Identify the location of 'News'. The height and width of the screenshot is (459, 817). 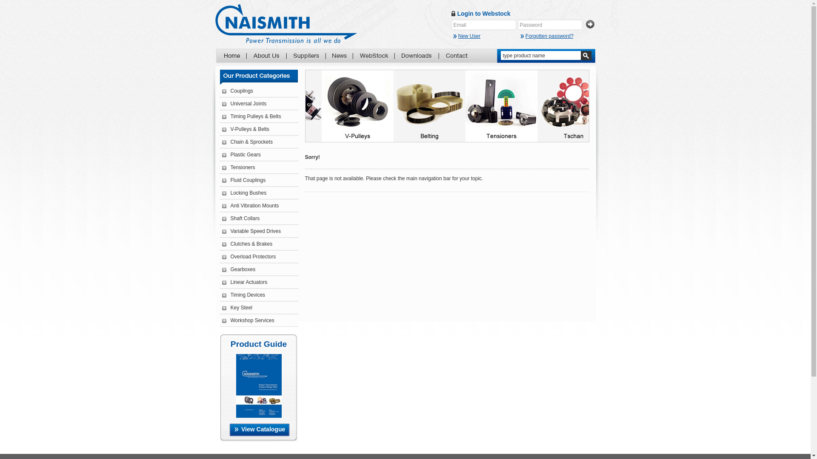
(331, 56).